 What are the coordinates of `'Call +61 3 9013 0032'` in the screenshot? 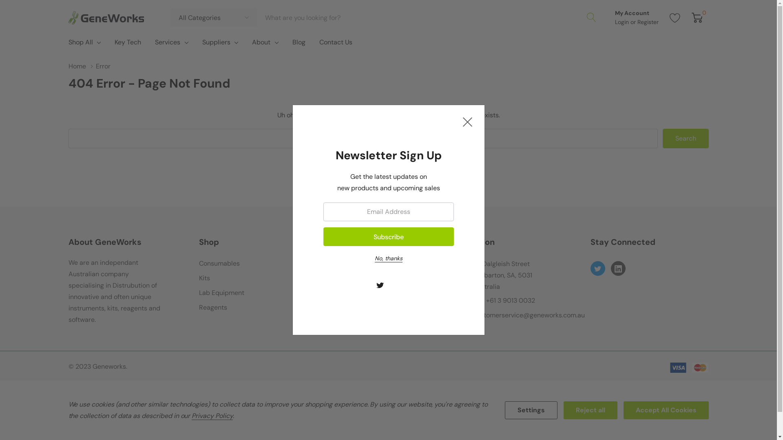 It's located at (504, 300).